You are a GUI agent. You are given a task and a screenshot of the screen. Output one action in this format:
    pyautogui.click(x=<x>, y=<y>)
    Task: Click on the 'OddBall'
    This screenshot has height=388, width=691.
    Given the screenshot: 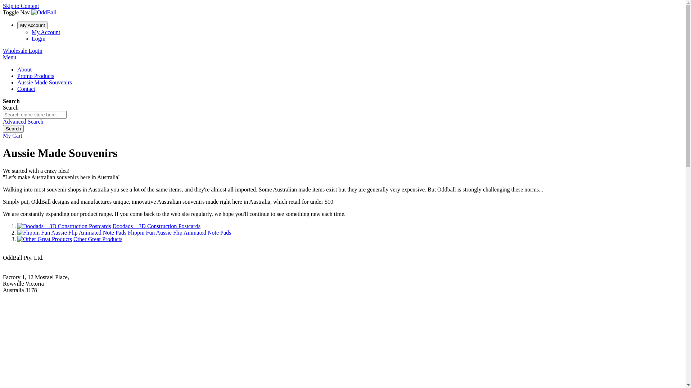 What is the action you would take?
    pyautogui.click(x=43, y=12)
    